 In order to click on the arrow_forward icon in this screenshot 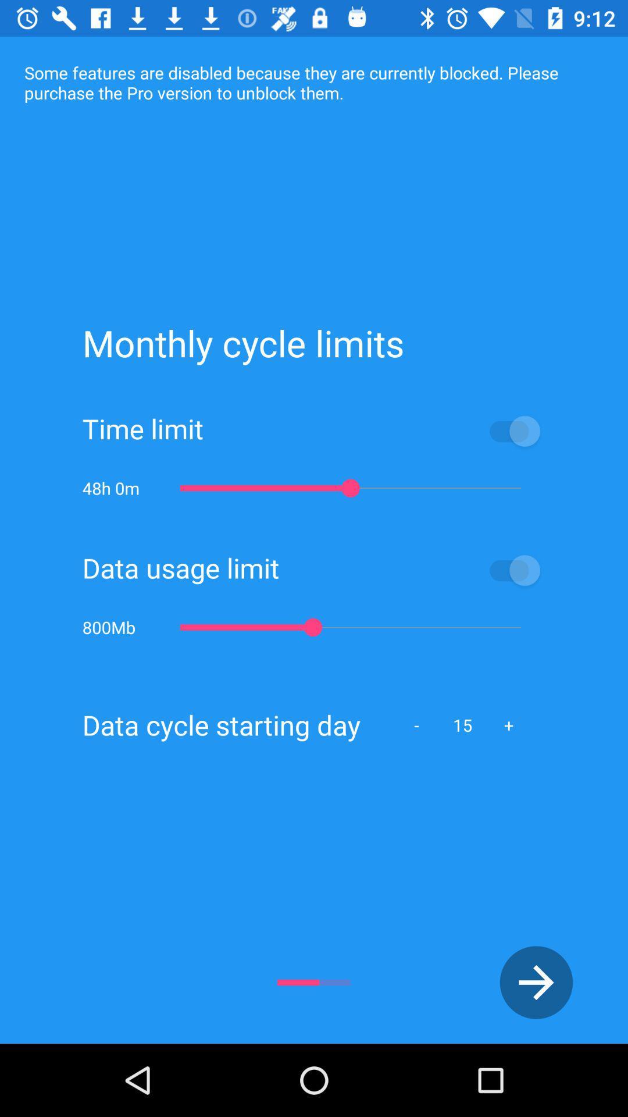, I will do `click(536, 982)`.